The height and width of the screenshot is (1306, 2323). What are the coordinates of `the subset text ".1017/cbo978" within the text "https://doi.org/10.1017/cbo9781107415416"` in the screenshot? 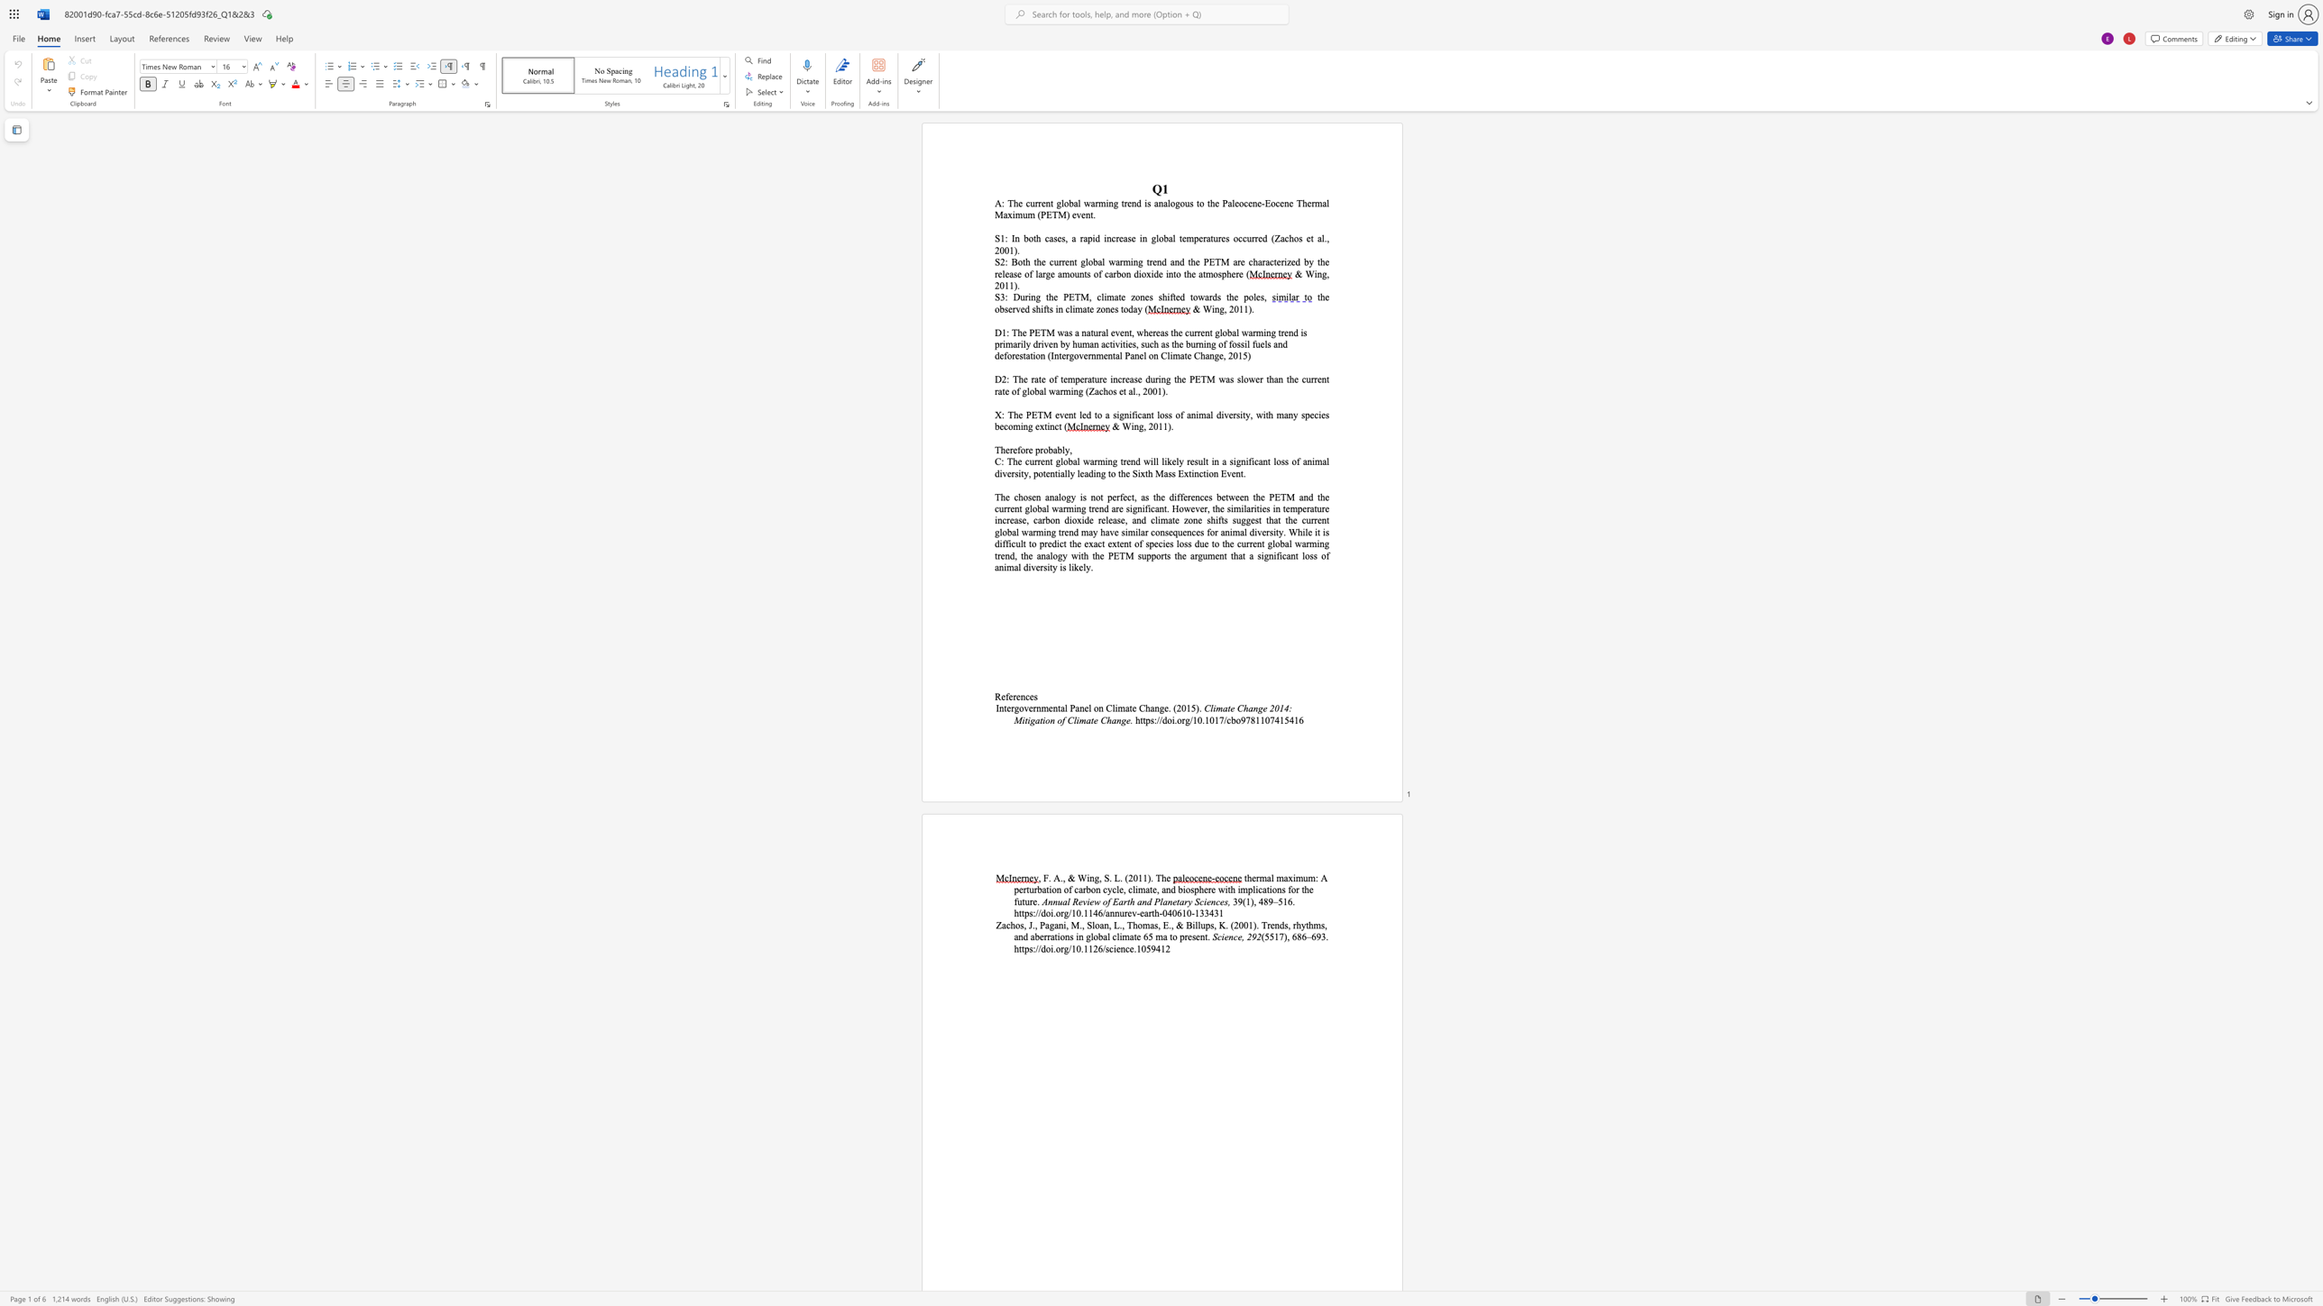 It's located at (1201, 719).